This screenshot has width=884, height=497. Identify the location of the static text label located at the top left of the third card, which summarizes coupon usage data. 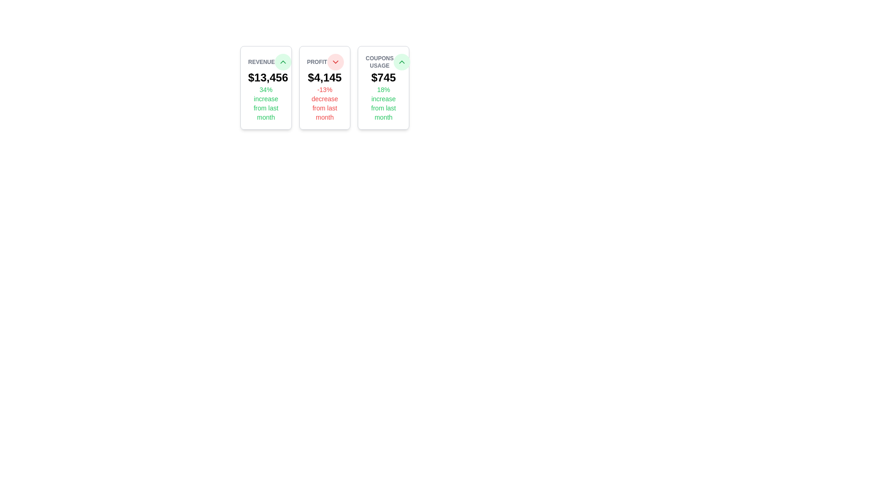
(379, 62).